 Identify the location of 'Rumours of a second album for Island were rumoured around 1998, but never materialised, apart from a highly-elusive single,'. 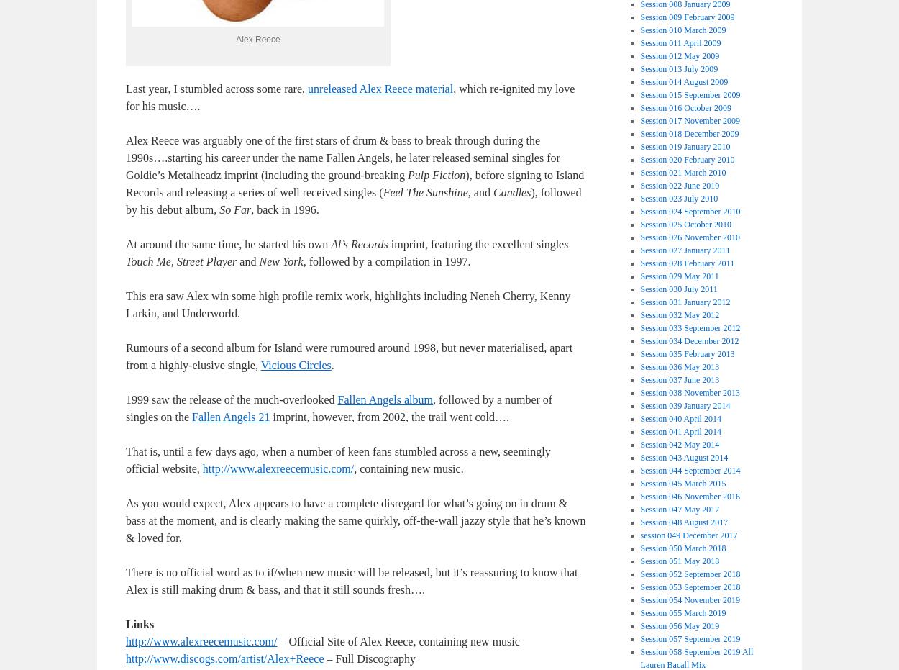
(348, 356).